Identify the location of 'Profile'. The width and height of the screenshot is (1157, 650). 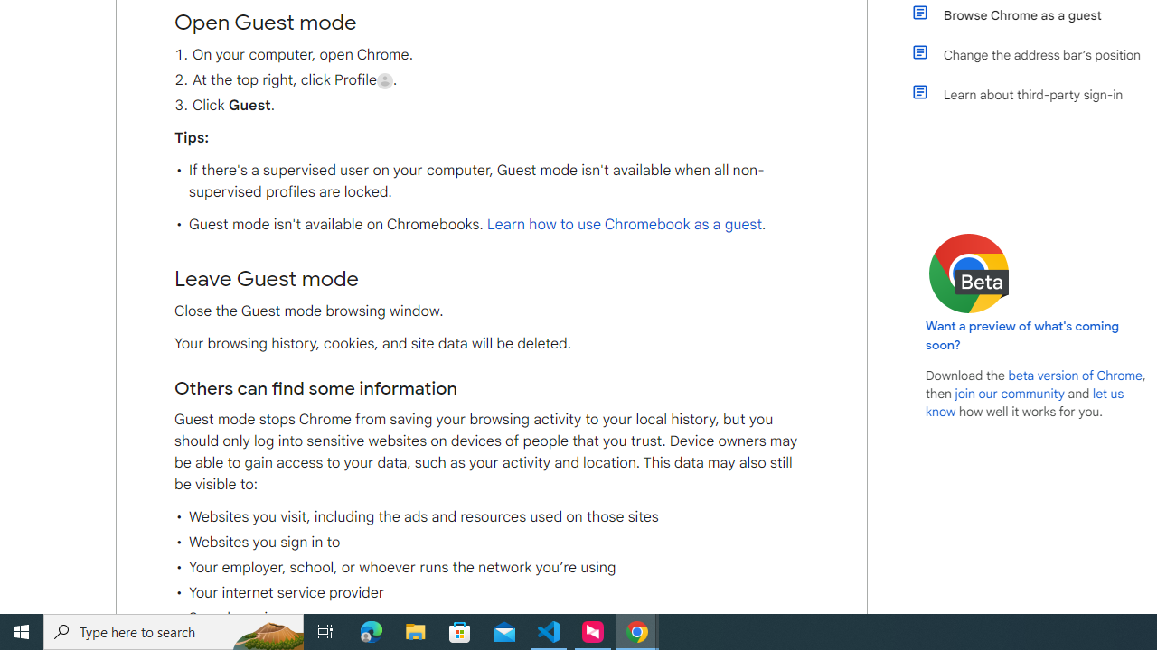
(384, 79).